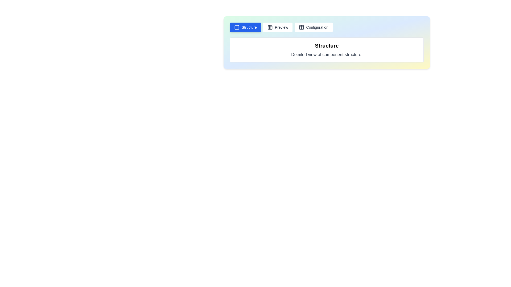 The height and width of the screenshot is (287, 511). Describe the element at coordinates (277, 27) in the screenshot. I see `the tab labeled Preview to switch to that tab` at that location.